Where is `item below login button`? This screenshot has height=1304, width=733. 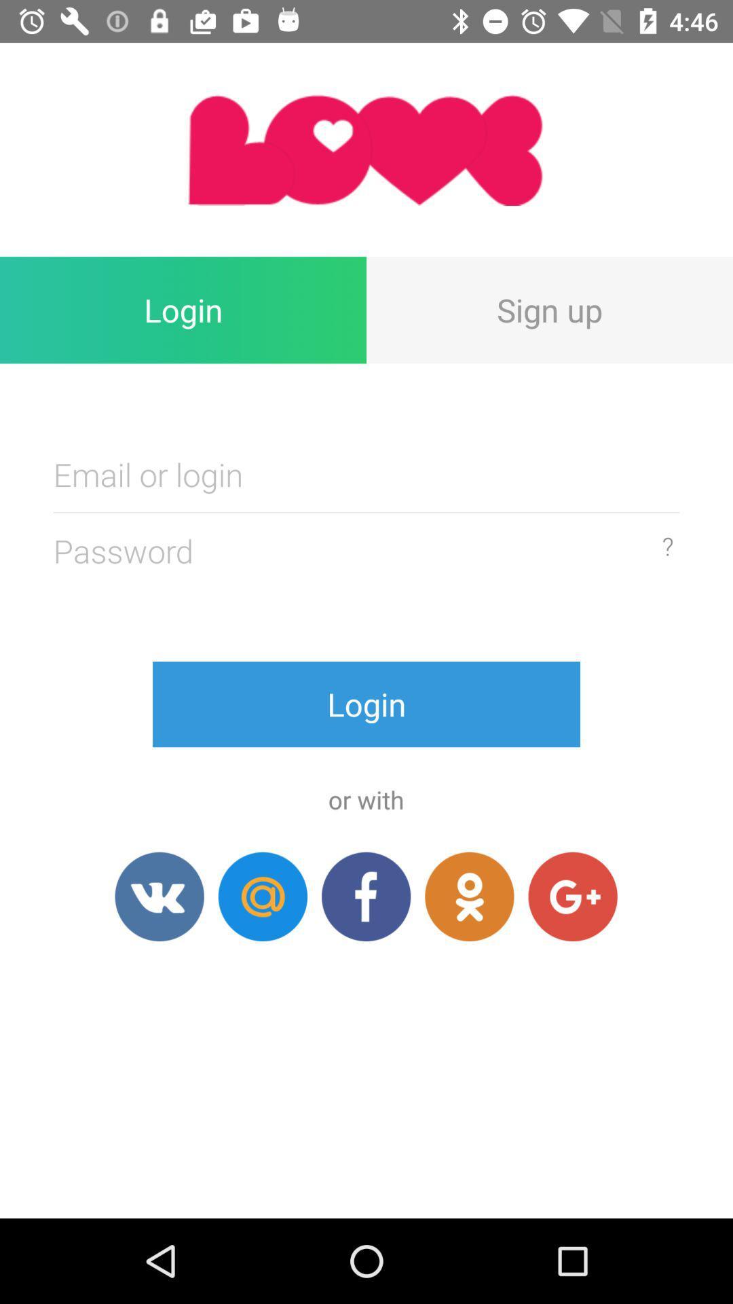
item below login button is located at coordinates (159, 896).